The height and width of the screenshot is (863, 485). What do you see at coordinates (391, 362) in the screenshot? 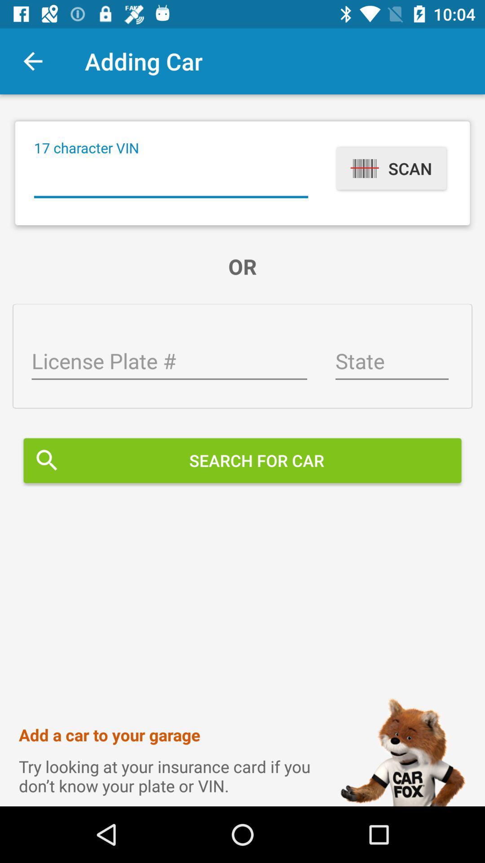
I see `state` at bounding box center [391, 362].